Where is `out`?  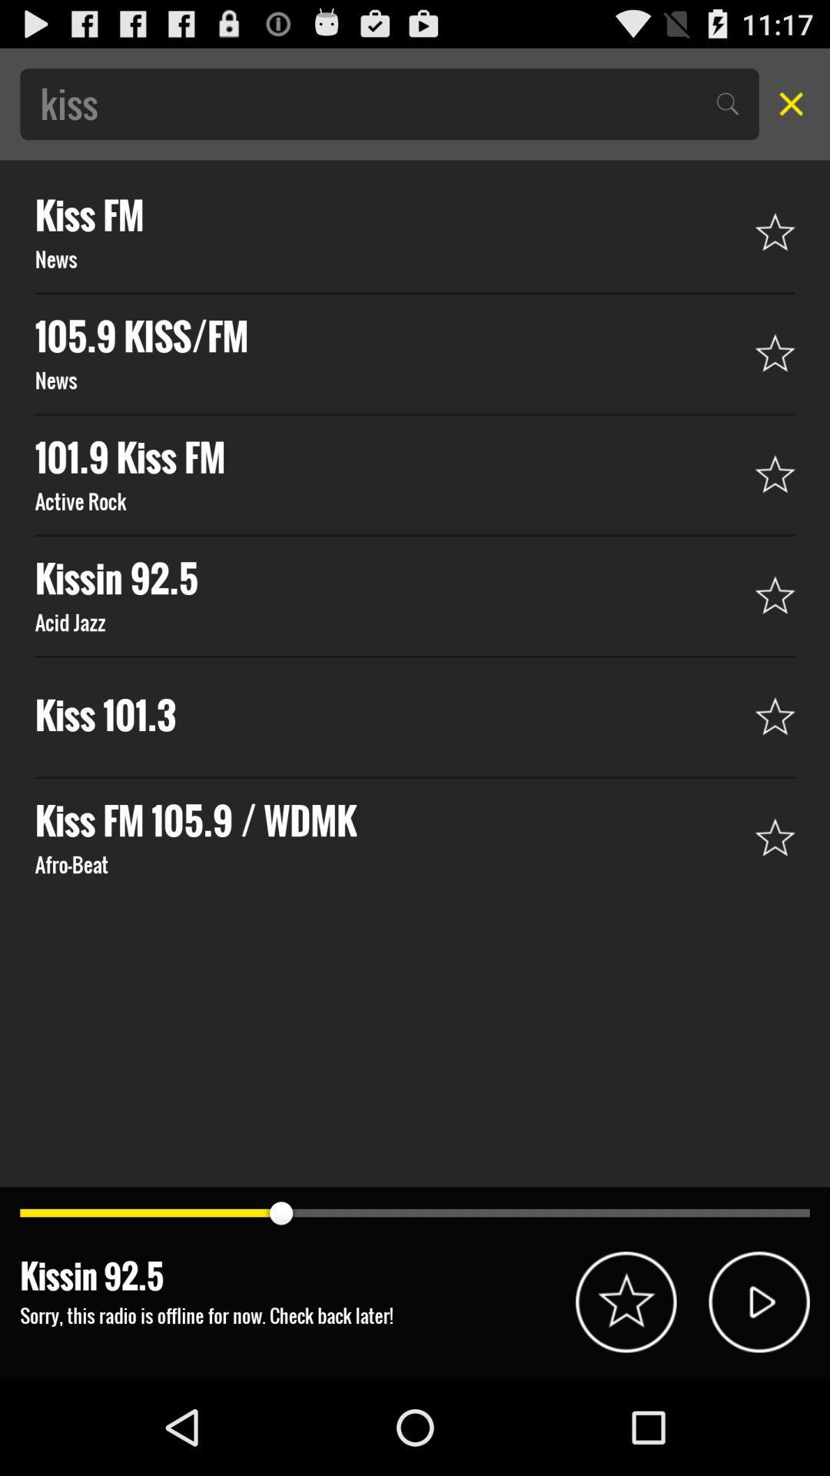 out is located at coordinates (786, 103).